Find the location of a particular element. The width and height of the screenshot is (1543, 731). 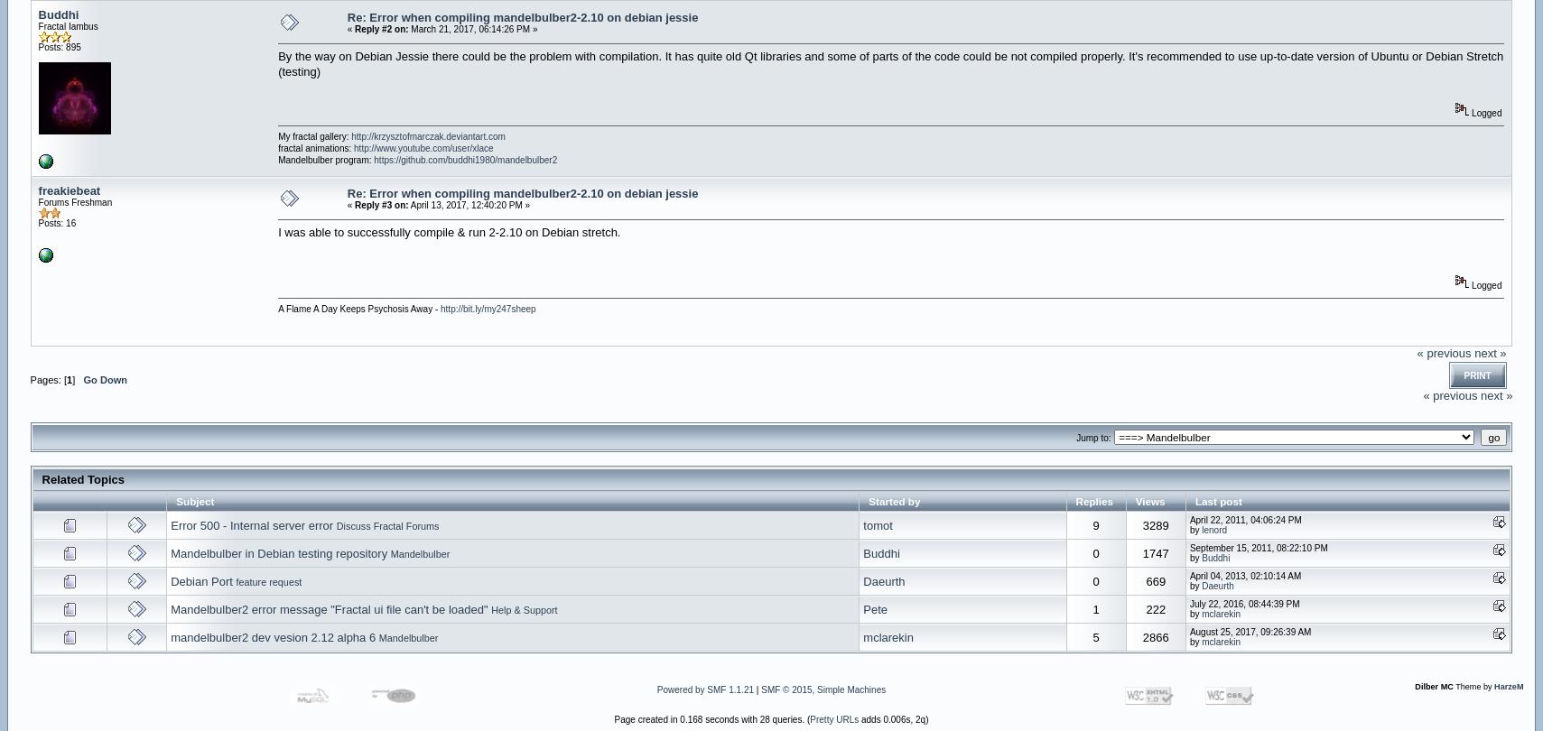

'2866' is located at coordinates (1155, 635).